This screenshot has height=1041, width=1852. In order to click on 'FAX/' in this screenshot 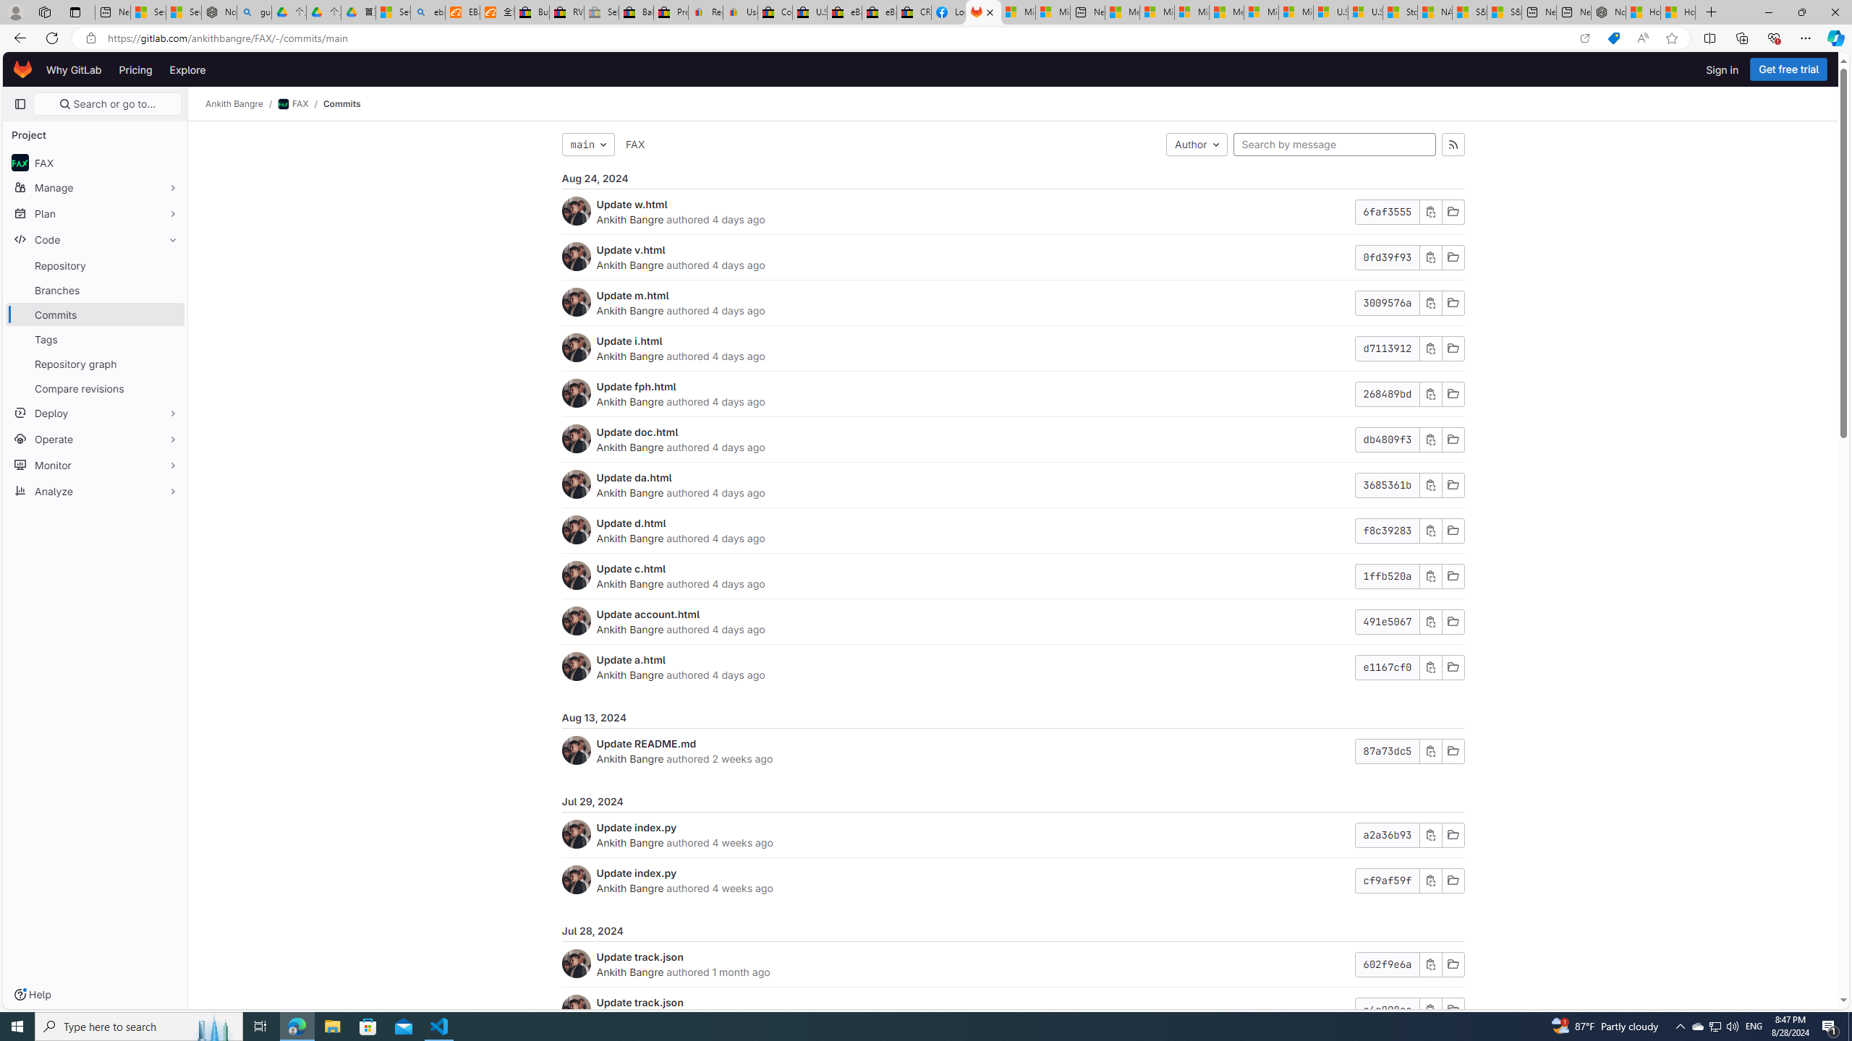, I will do `click(300, 103)`.